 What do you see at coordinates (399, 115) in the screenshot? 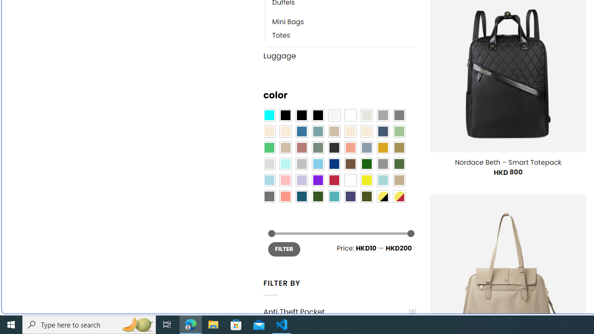
I see `'All Gray'` at bounding box center [399, 115].